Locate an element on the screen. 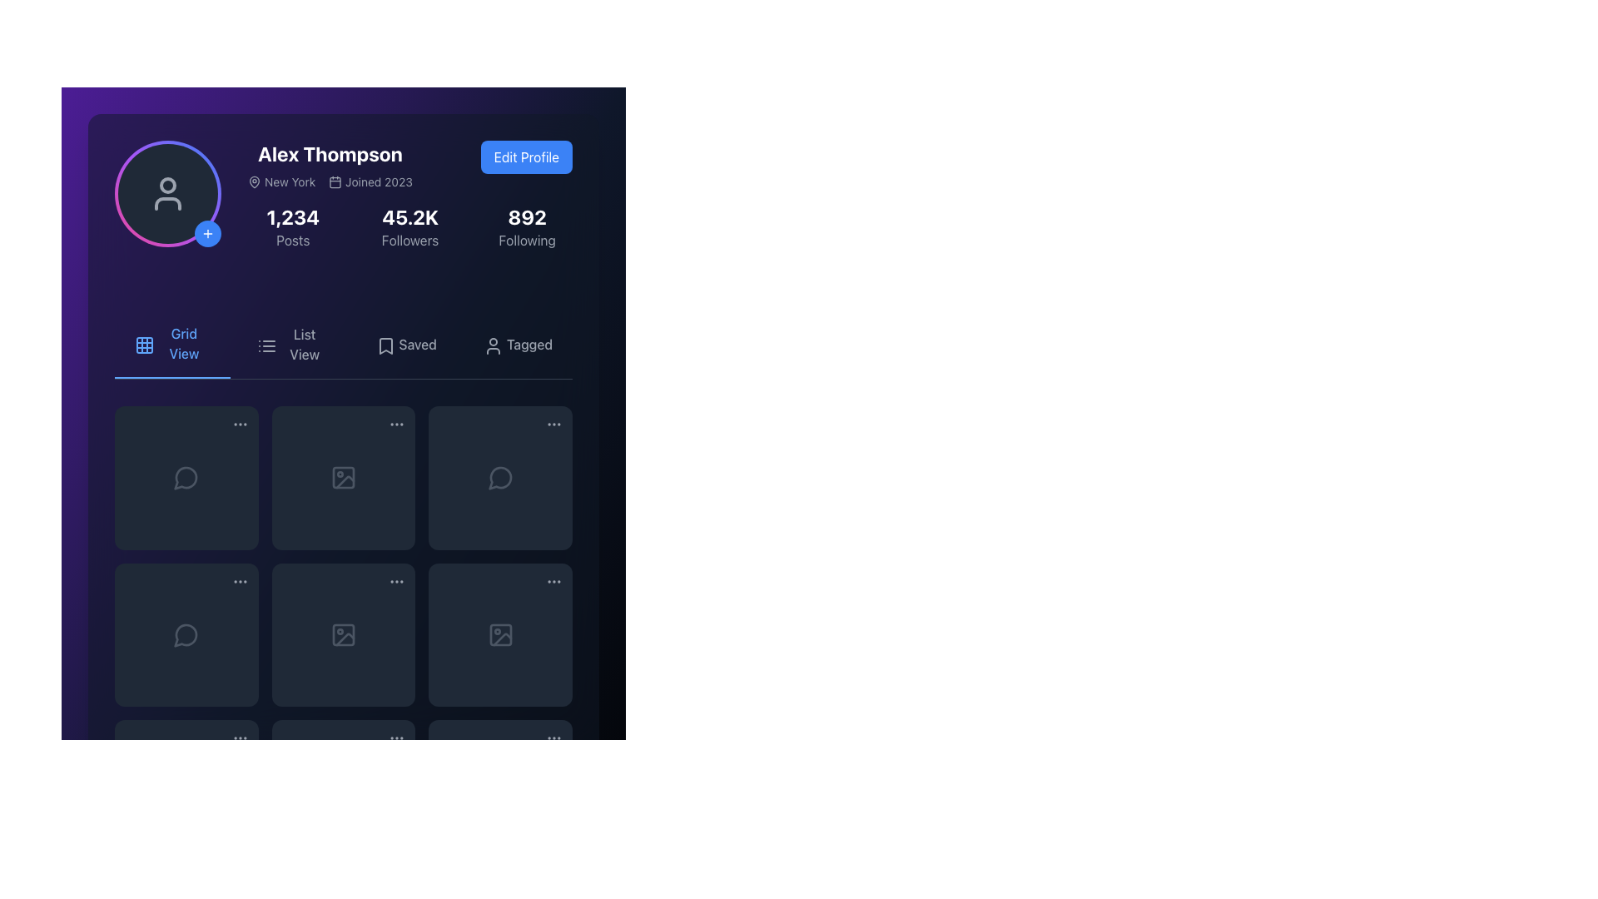 The width and height of the screenshot is (1598, 899). follower count displayed in the middle component of the row containing 'Posts', 'Followers', and 'Following' is located at coordinates (410, 227).